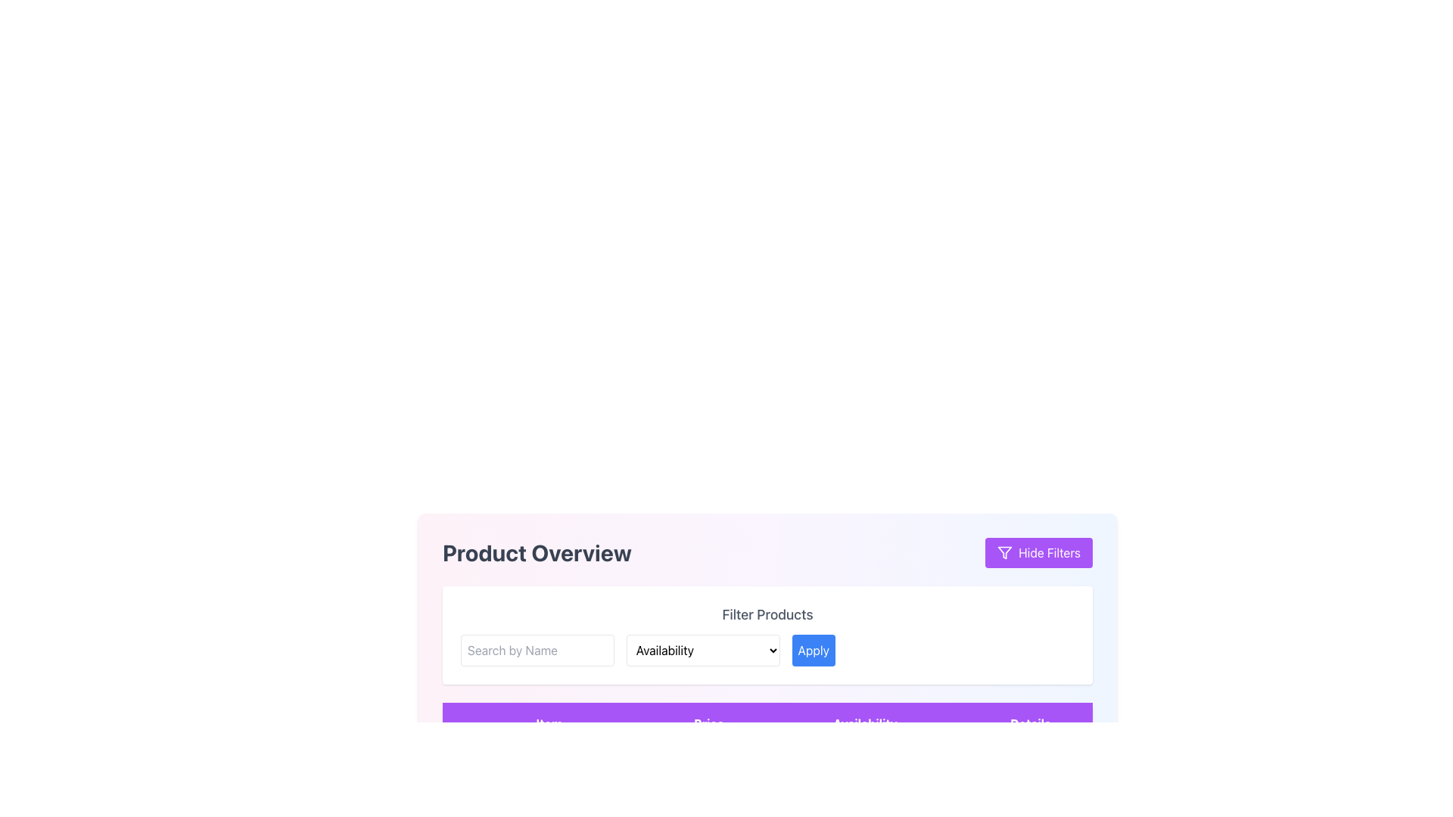 The width and height of the screenshot is (1453, 817). What do you see at coordinates (865, 722) in the screenshot?
I see `the static text label that serves as a header for availability information, positioned between the 'Price' and 'Details' labels` at bounding box center [865, 722].